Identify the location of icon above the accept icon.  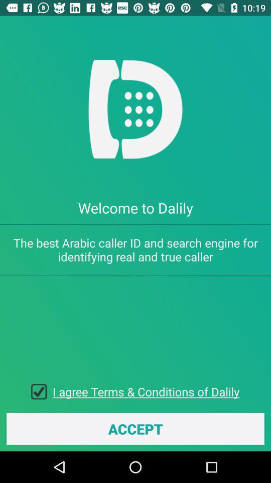
(41, 391).